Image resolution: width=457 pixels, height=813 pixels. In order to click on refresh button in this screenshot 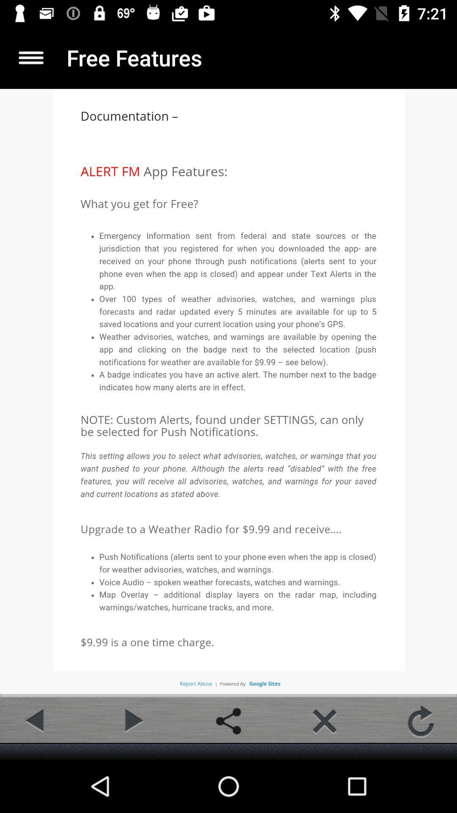, I will do `click(421, 721)`.